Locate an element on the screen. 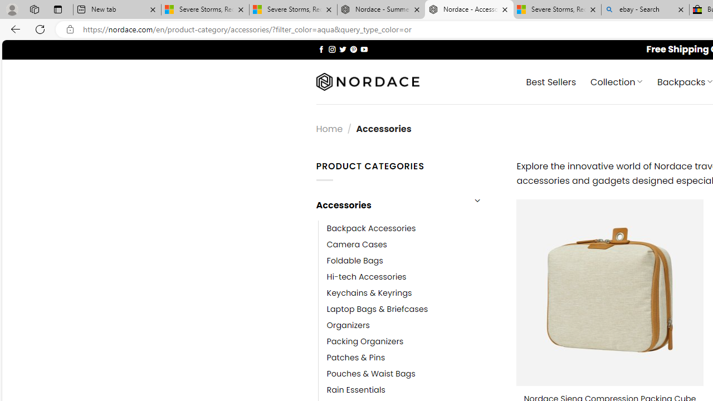 The image size is (713, 401). 'Laptop Bags & Briefcases' is located at coordinates (377, 309).